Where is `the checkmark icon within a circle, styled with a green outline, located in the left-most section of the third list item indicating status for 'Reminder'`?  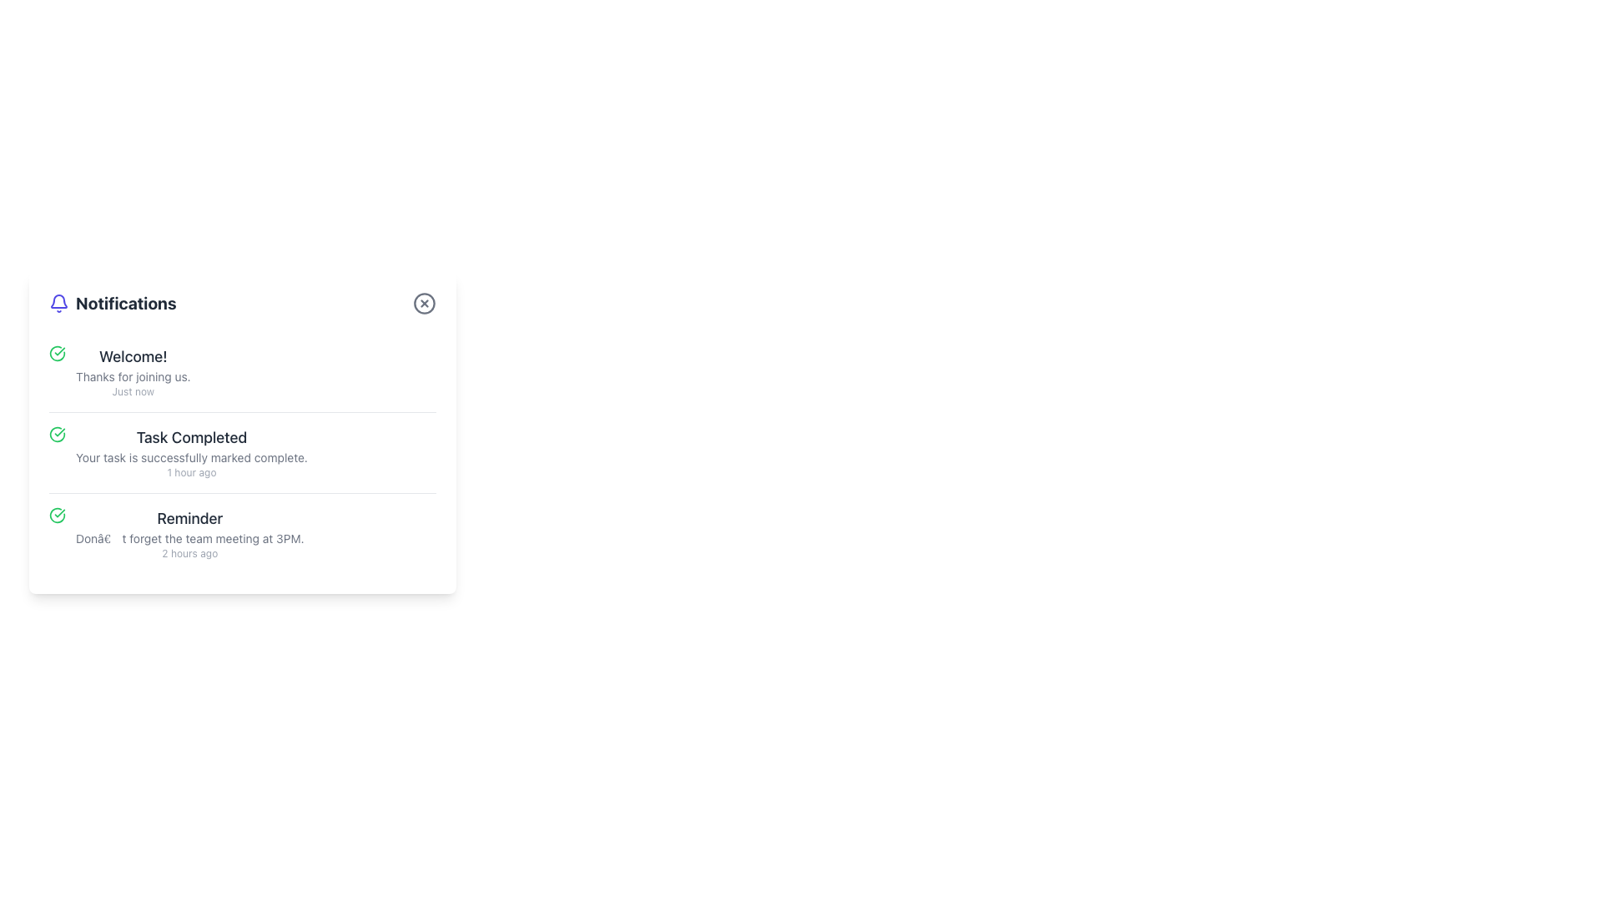
the checkmark icon within a circle, styled with a green outline, located in the left-most section of the third list item indicating status for 'Reminder' is located at coordinates (57, 514).